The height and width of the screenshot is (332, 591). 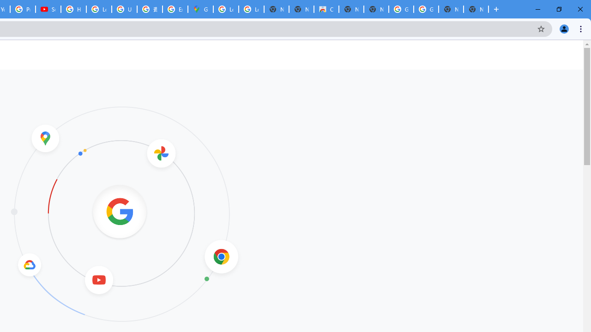 What do you see at coordinates (401, 9) in the screenshot?
I see `'Google Images'` at bounding box center [401, 9].